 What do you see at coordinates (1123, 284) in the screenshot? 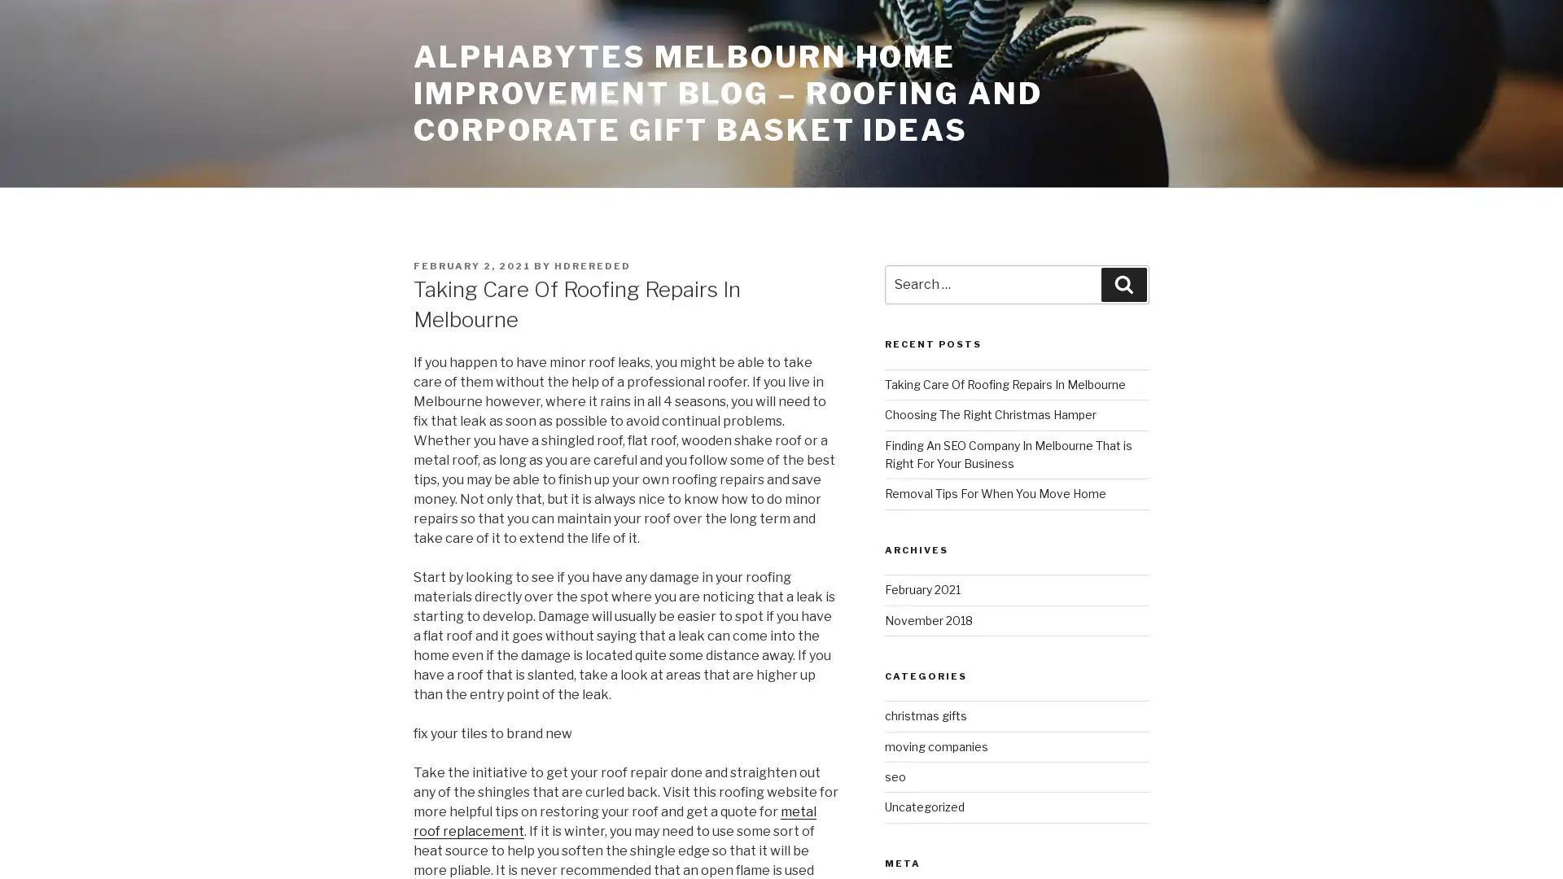
I see `Search` at bounding box center [1123, 284].